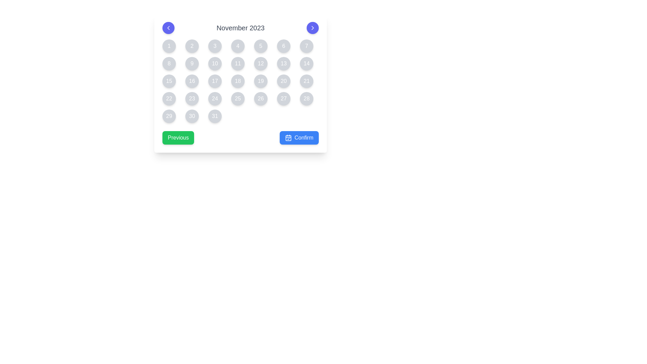 The width and height of the screenshot is (647, 364). Describe the element at coordinates (238, 81) in the screenshot. I see `the date selector button for the 18th day in the calendar view` at that location.